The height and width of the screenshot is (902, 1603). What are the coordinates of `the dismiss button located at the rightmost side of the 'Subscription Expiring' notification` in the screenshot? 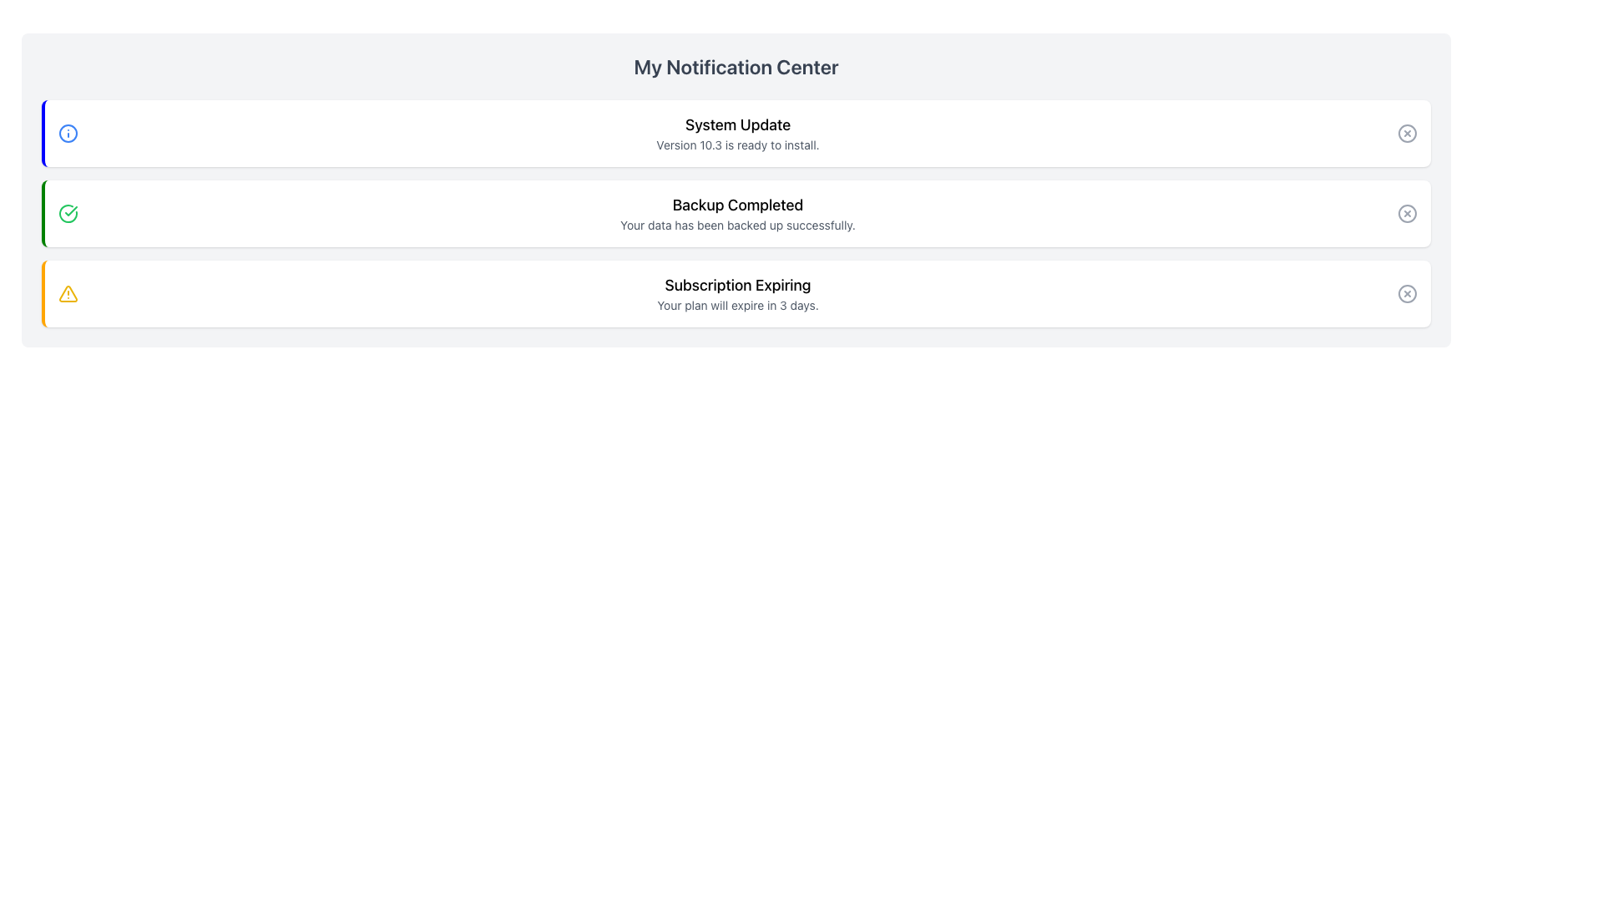 It's located at (1406, 292).